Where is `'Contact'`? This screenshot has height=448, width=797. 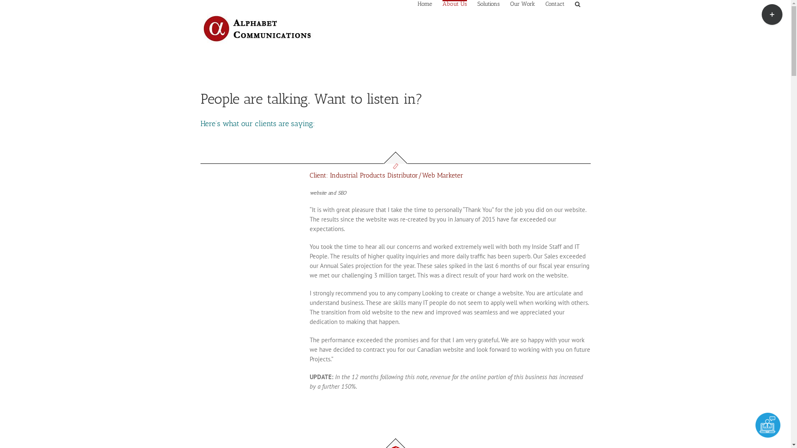
'Contact' is located at coordinates (555, 3).